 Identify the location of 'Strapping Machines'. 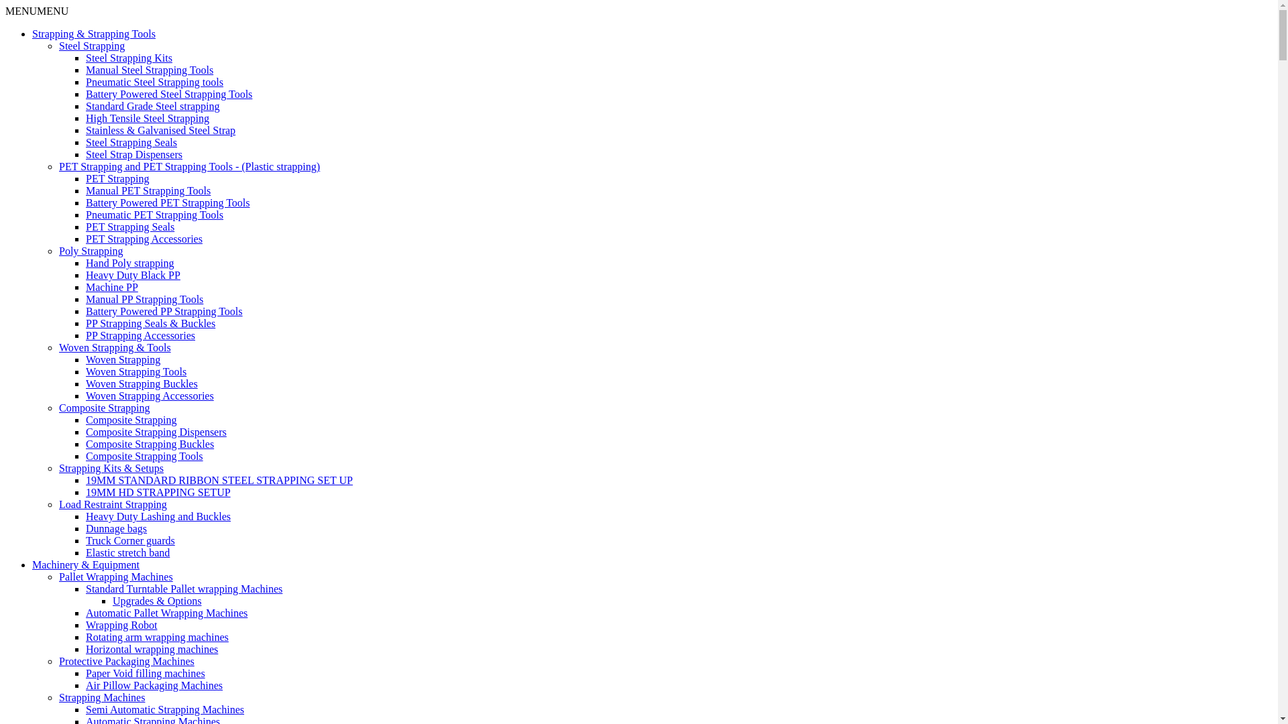
(58, 697).